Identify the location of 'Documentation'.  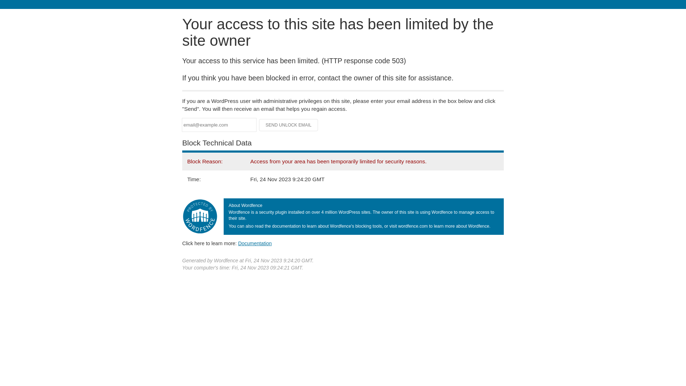
(255, 243).